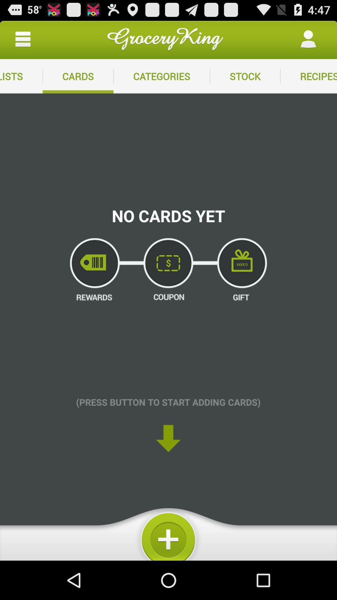  I want to click on item next to recipes icon, so click(245, 76).